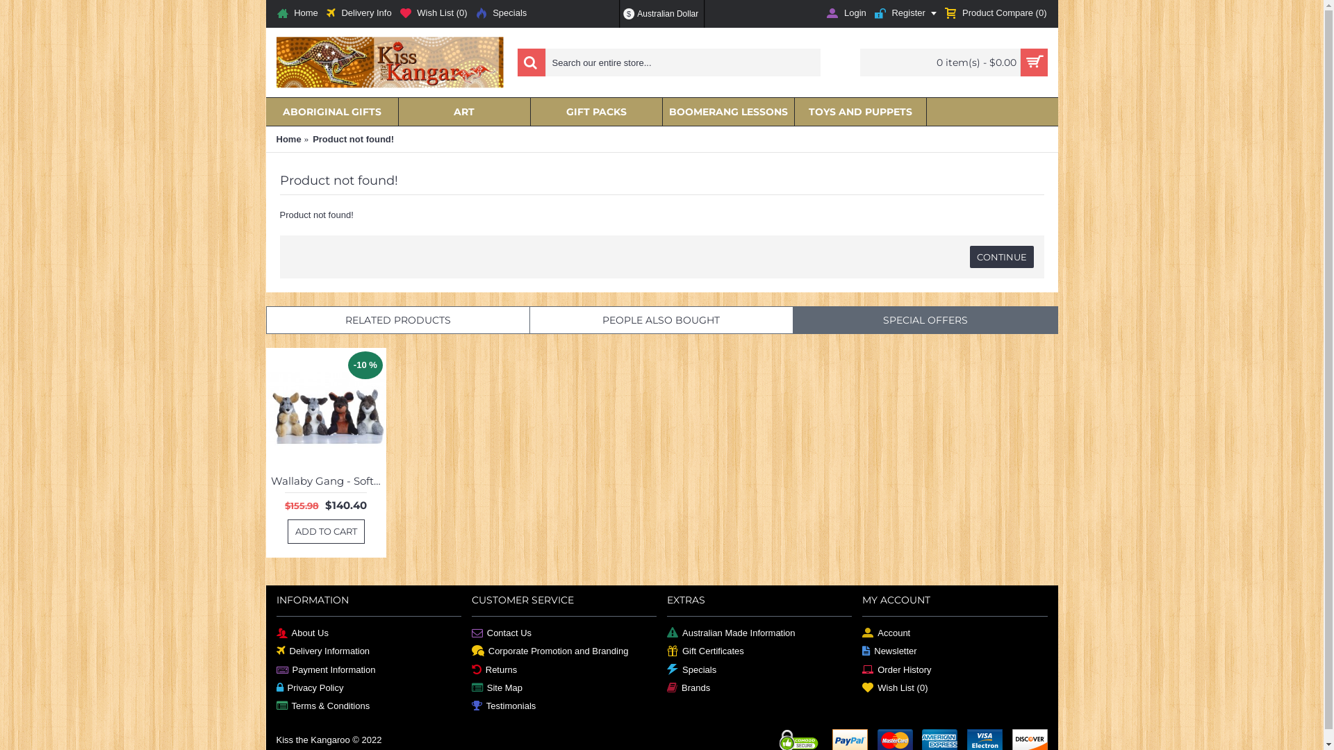 This screenshot has width=1334, height=750. Describe the element at coordinates (277, 669) in the screenshot. I see `'Payment Information'` at that location.